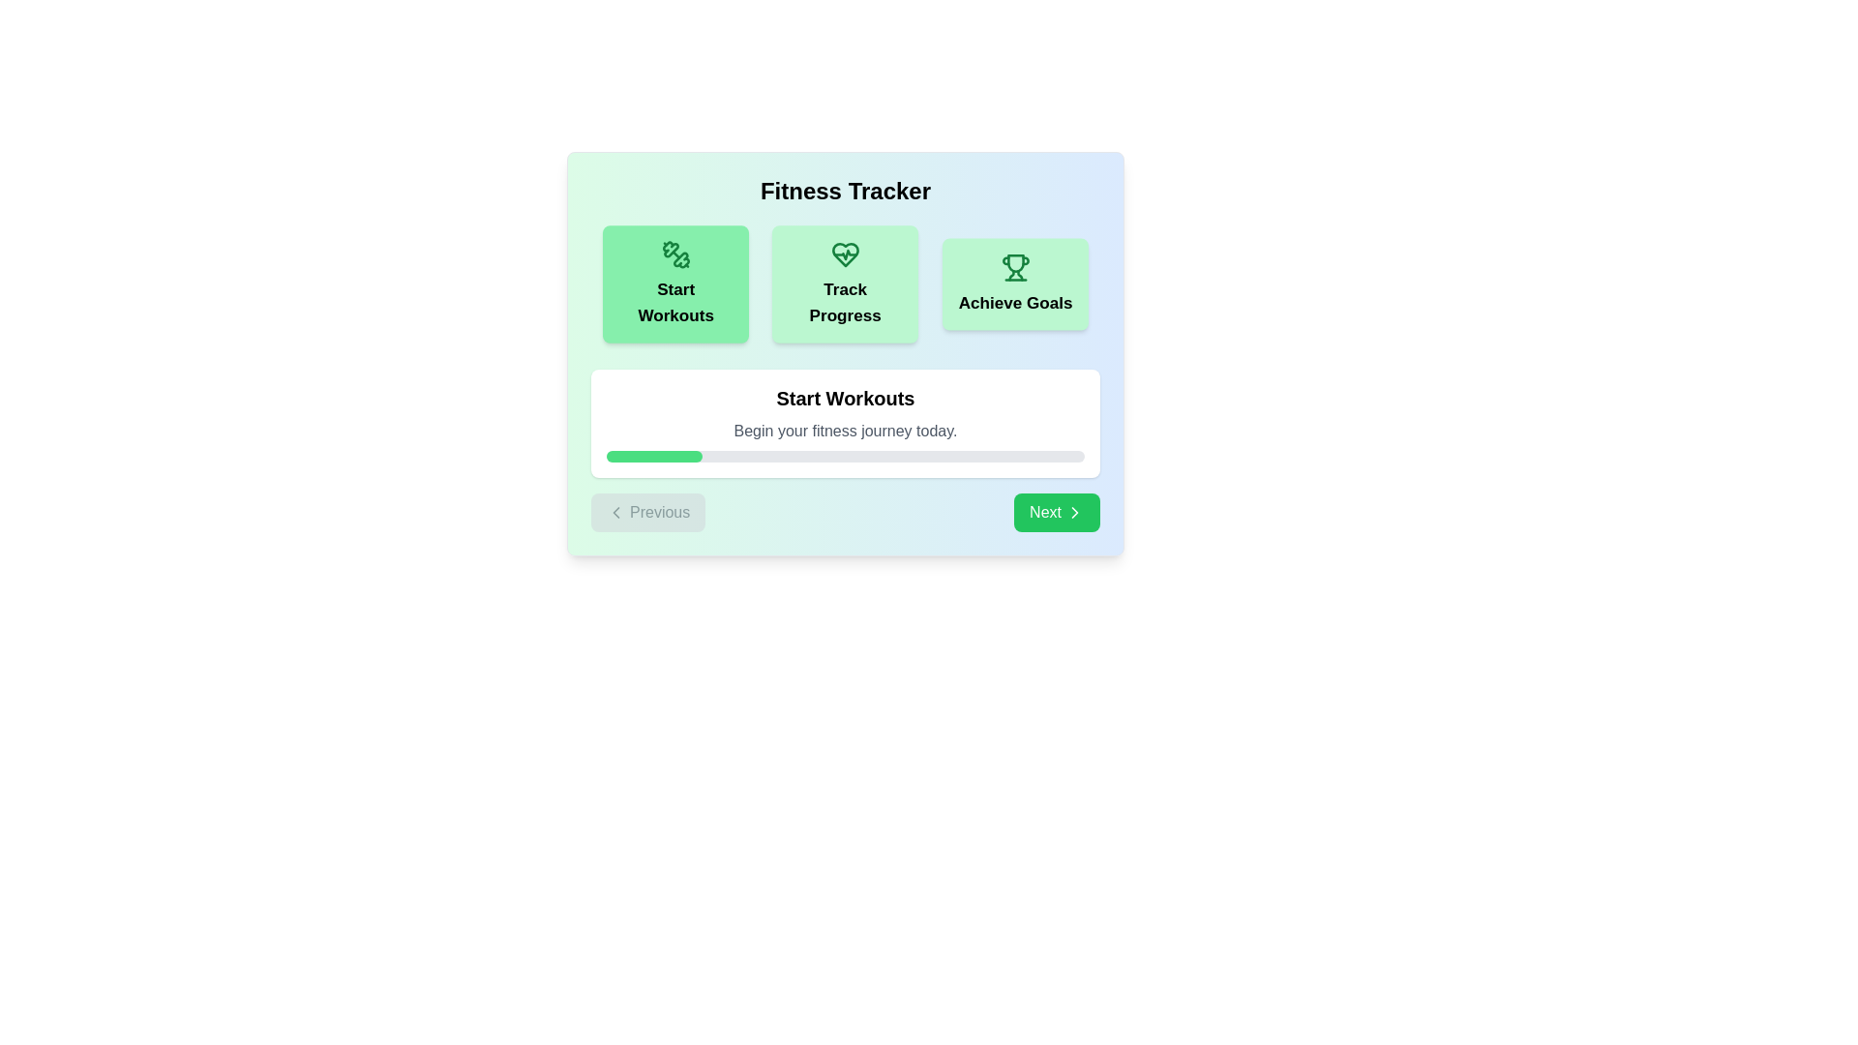 This screenshot has width=1858, height=1045. I want to click on the 'Start Workouts' text label, which is centrally located in the first green option of the 'Fitness Tracker' menu, below a dumbbell icon, so click(675, 302).